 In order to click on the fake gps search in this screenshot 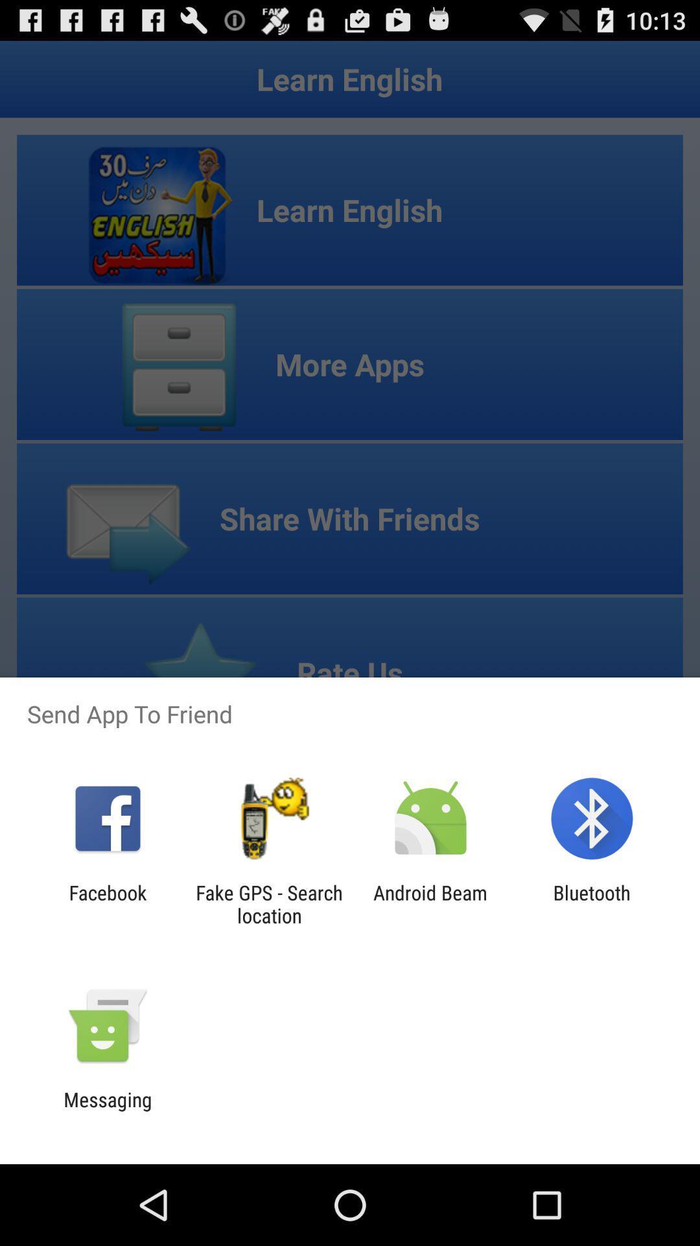, I will do `click(268, 903)`.